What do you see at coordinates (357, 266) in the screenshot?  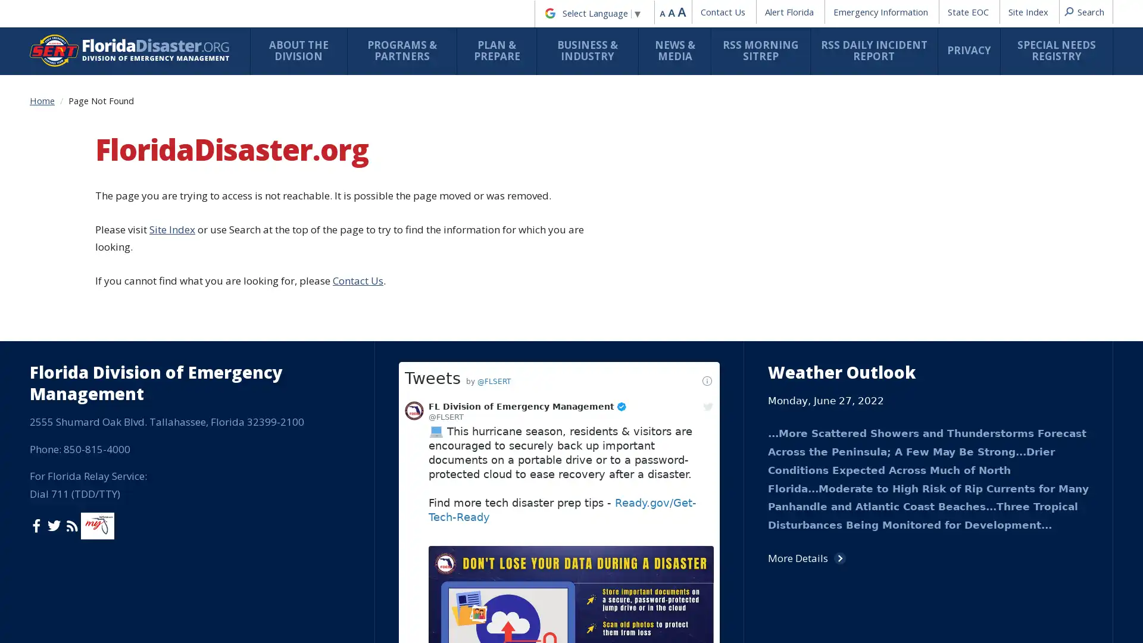 I see `Toggle More` at bounding box center [357, 266].